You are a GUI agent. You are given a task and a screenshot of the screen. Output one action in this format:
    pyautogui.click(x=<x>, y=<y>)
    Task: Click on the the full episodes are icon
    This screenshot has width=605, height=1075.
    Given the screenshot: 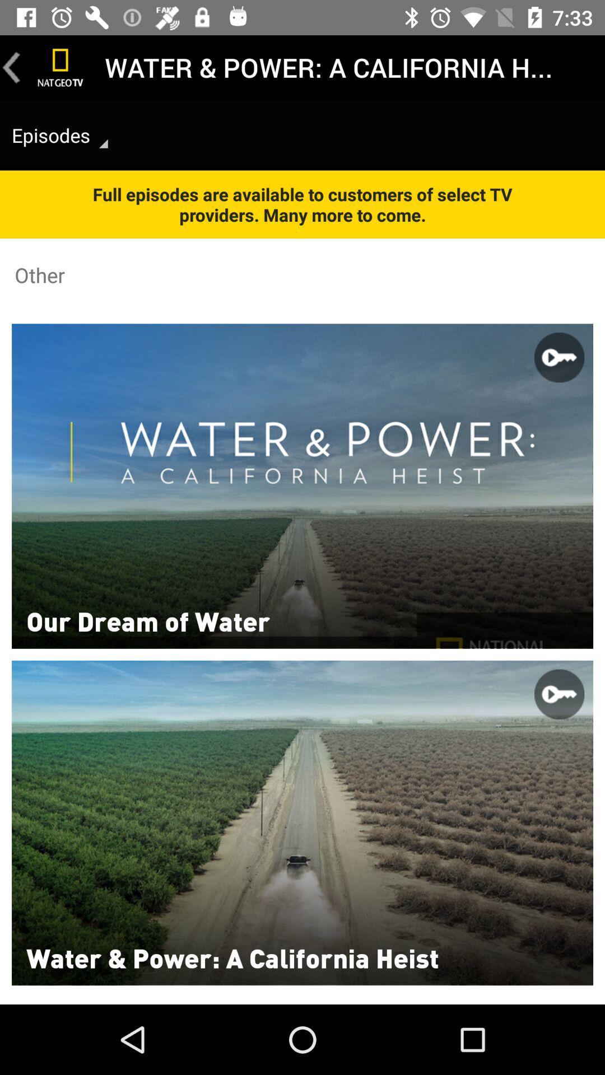 What is the action you would take?
    pyautogui.click(x=302, y=204)
    